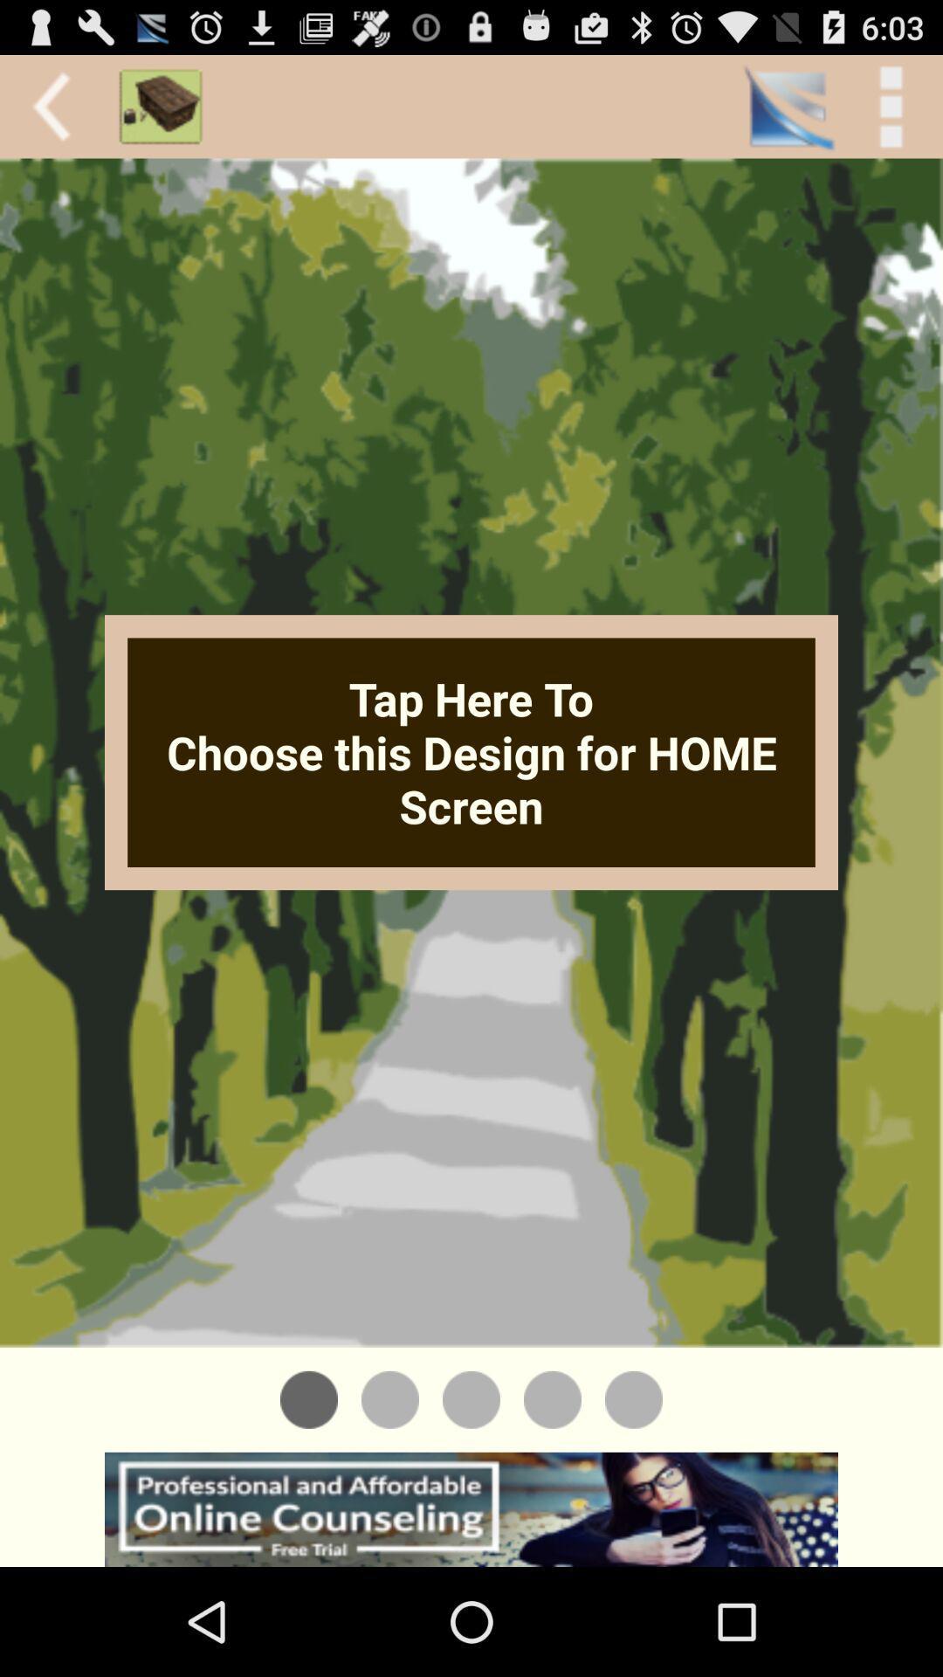  What do you see at coordinates (633, 1399) in the screenshot?
I see `see different design` at bounding box center [633, 1399].